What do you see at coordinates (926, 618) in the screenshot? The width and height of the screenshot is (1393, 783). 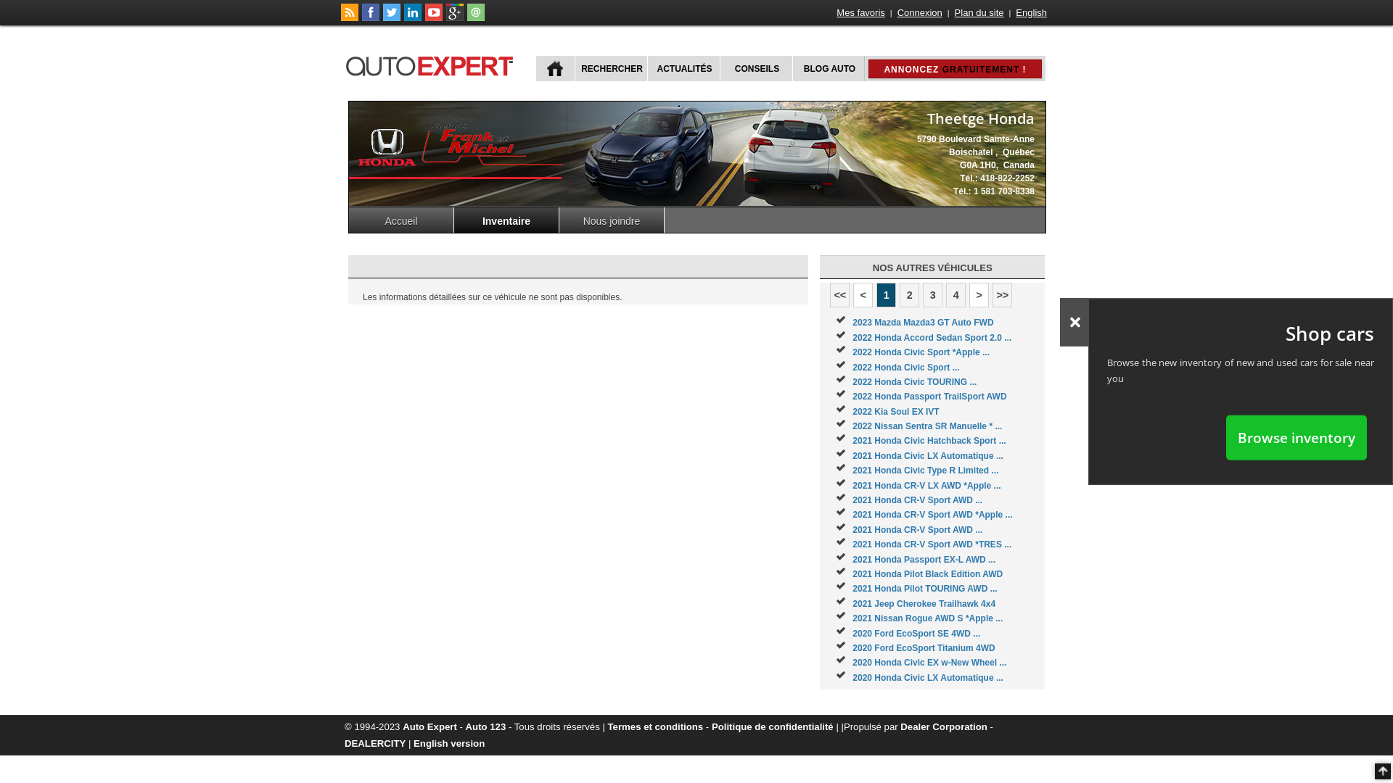 I see `'2021 Nissan Rogue AWD S *Apple ...'` at bounding box center [926, 618].